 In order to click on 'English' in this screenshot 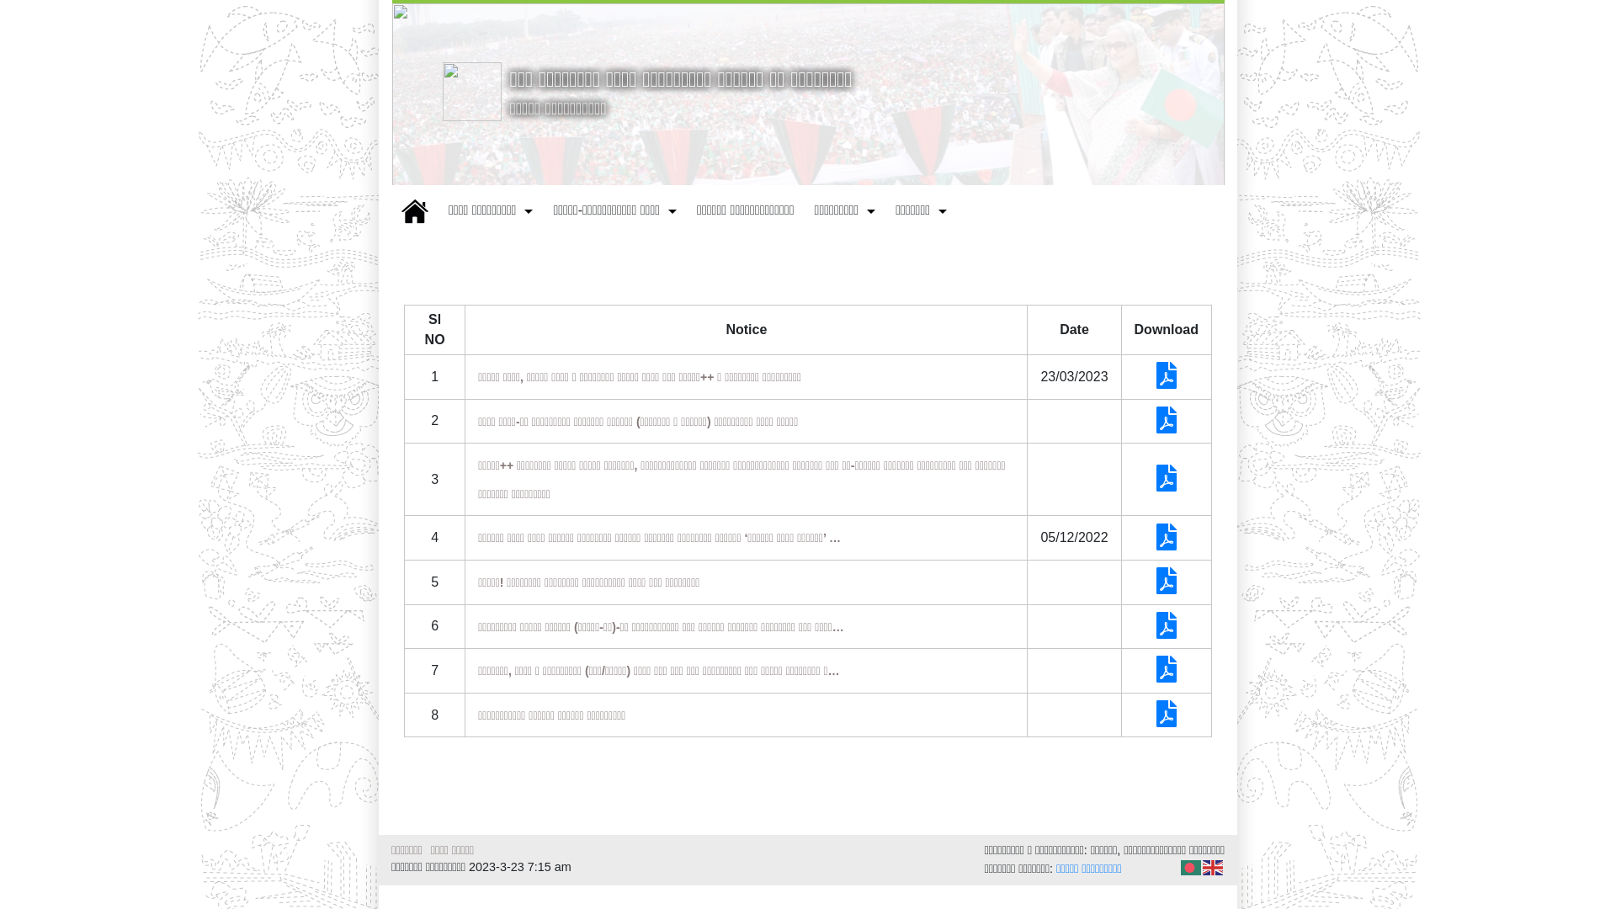, I will do `click(1213, 867)`.